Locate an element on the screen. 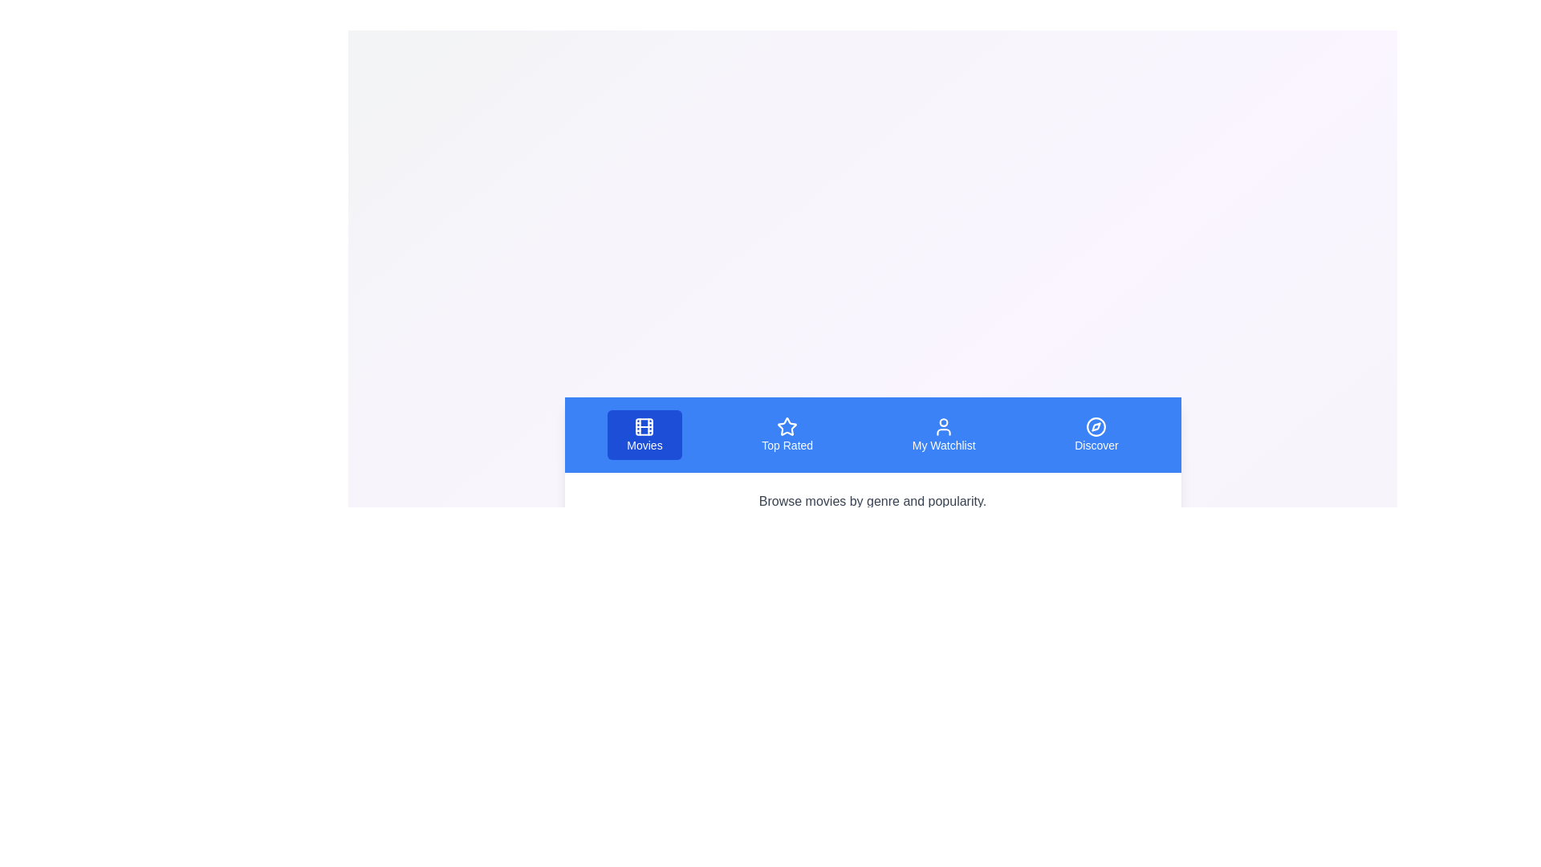 The image size is (1541, 867). the tab labeled Top Rated to view its content is located at coordinates (787, 435).